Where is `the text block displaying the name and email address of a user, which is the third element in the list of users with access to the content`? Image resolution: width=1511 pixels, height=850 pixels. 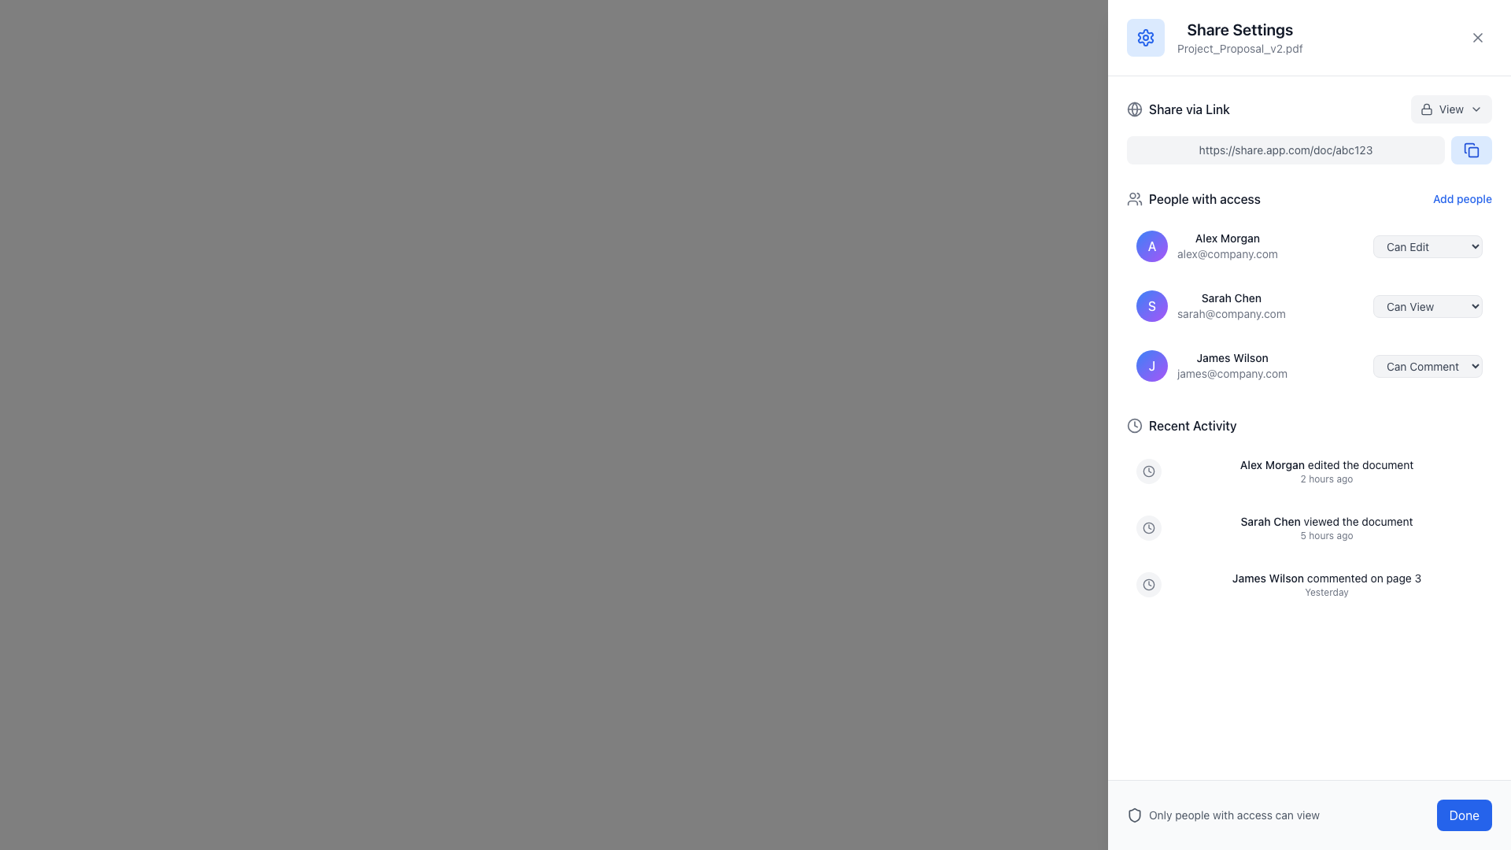
the text block displaying the name and email address of a user, which is the third element in the list of users with access to the content is located at coordinates (1232, 366).